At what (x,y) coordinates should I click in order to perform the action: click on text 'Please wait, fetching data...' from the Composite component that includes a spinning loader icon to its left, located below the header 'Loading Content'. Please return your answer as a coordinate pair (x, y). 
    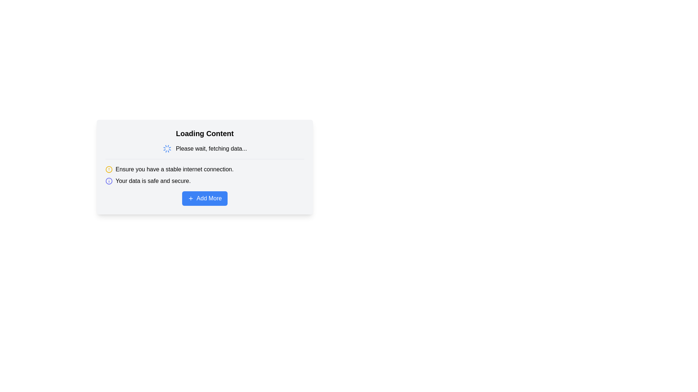
    Looking at the image, I should click on (204, 148).